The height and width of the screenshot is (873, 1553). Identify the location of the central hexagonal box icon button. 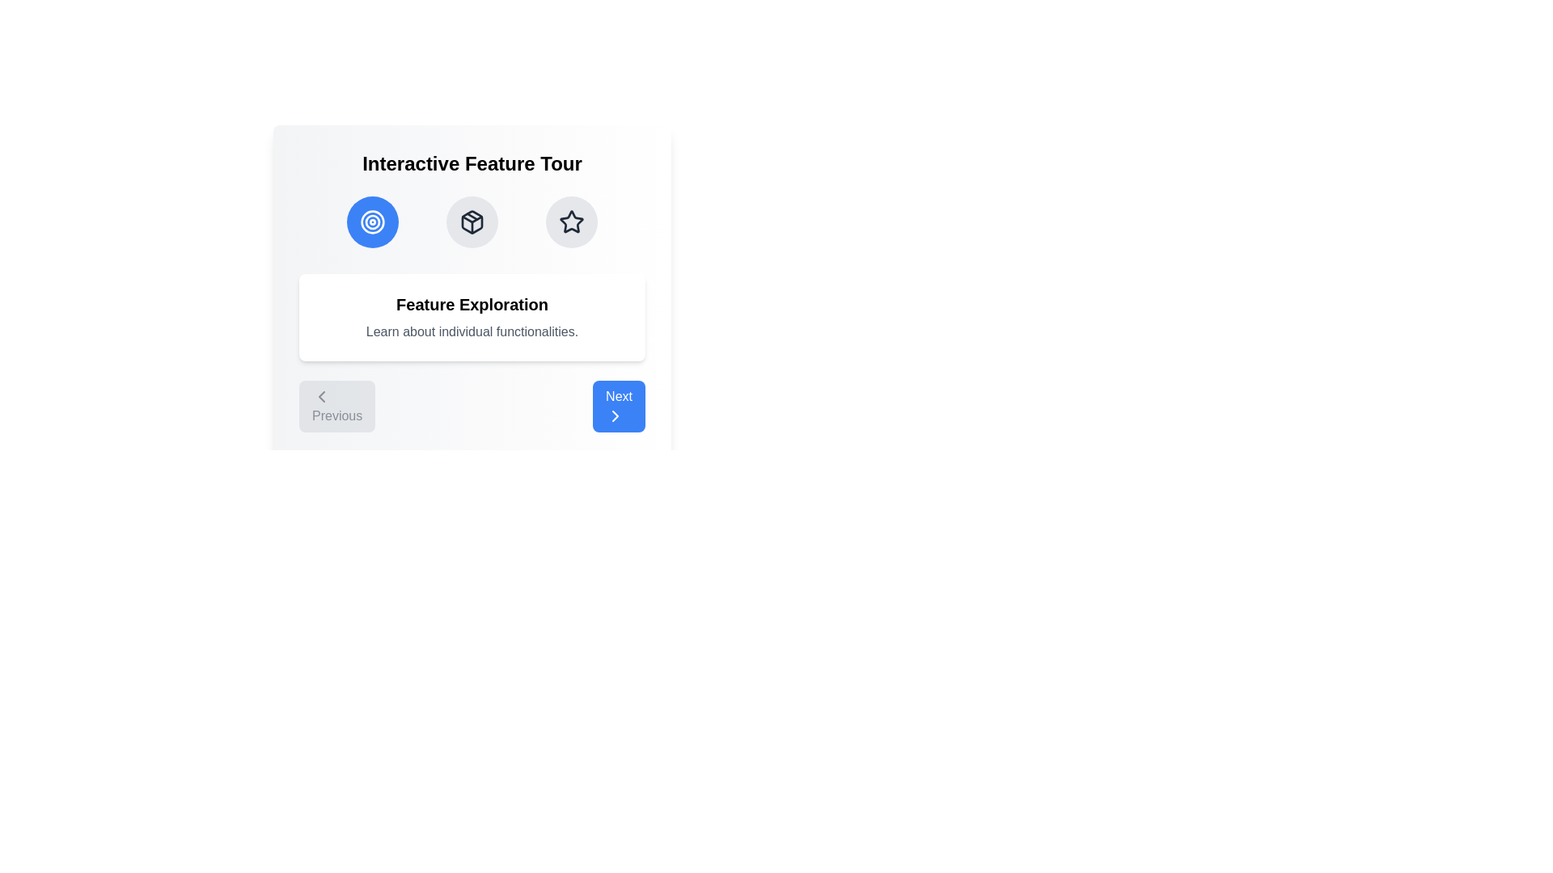
(472, 221).